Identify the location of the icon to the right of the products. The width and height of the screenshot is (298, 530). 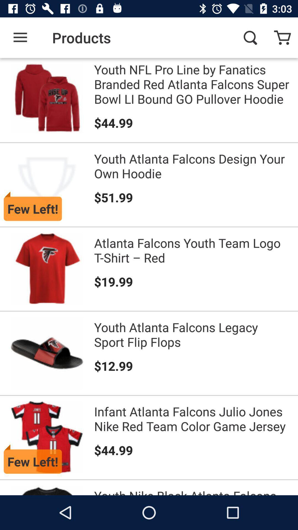
(250, 37).